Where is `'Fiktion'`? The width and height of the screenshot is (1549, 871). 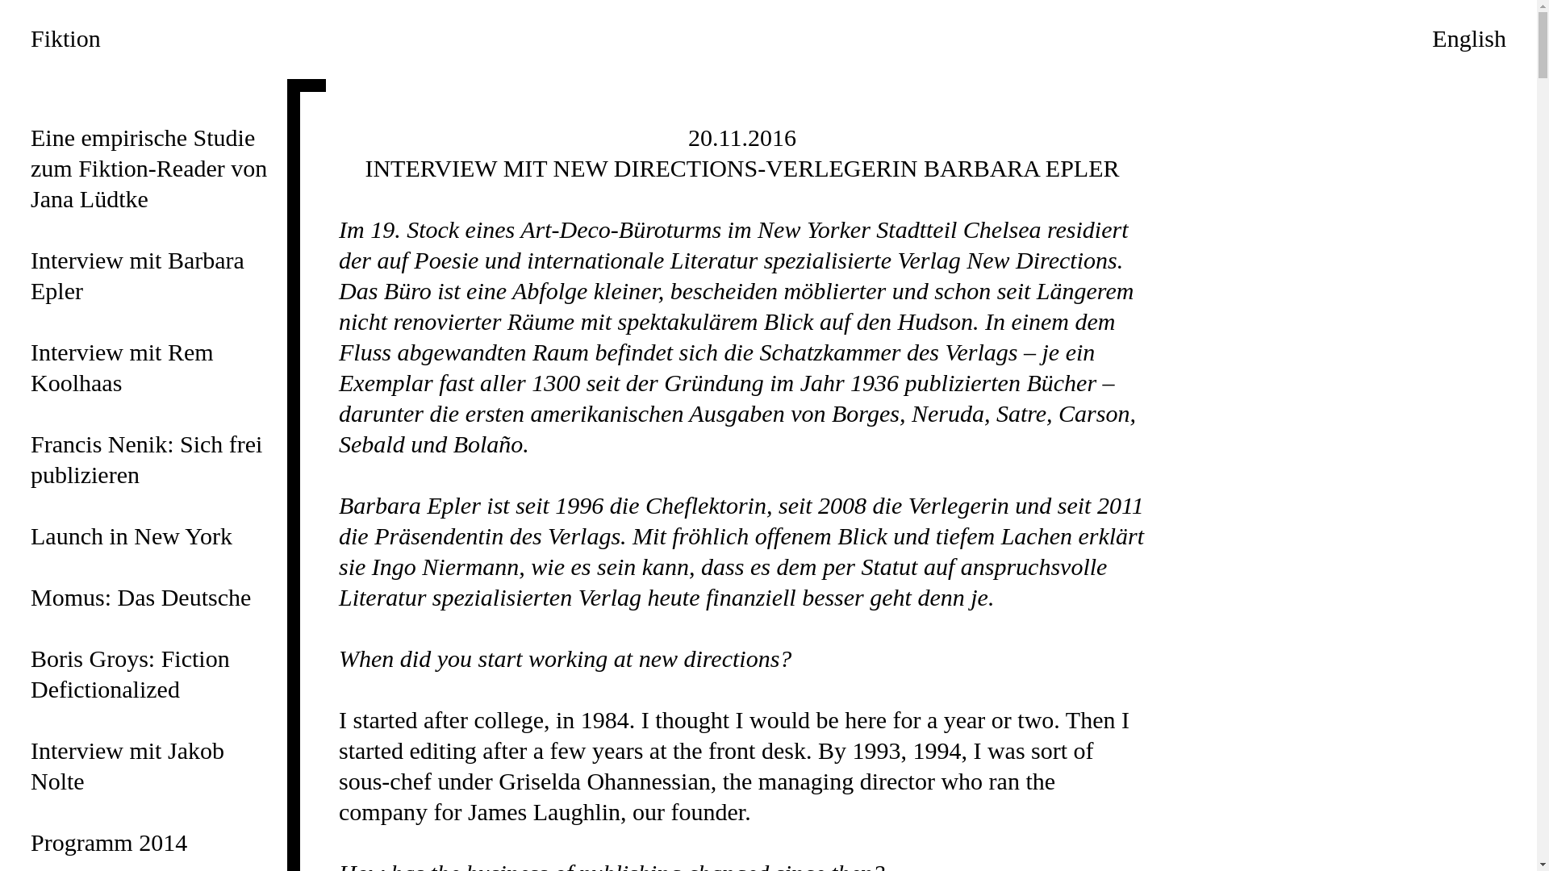
'Fiktion' is located at coordinates (65, 37).